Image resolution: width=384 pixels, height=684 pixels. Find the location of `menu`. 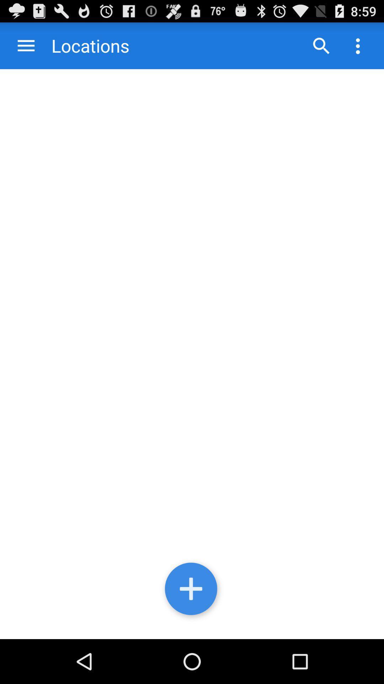

menu is located at coordinates (26, 45).